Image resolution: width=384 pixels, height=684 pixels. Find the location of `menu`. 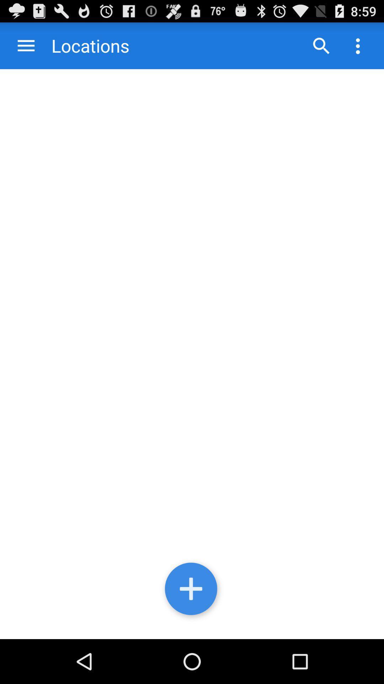

menu is located at coordinates (26, 45).